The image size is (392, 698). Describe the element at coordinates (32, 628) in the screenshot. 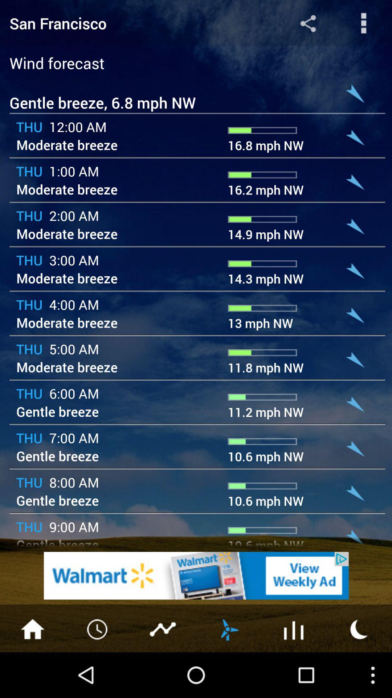

I see `home` at that location.